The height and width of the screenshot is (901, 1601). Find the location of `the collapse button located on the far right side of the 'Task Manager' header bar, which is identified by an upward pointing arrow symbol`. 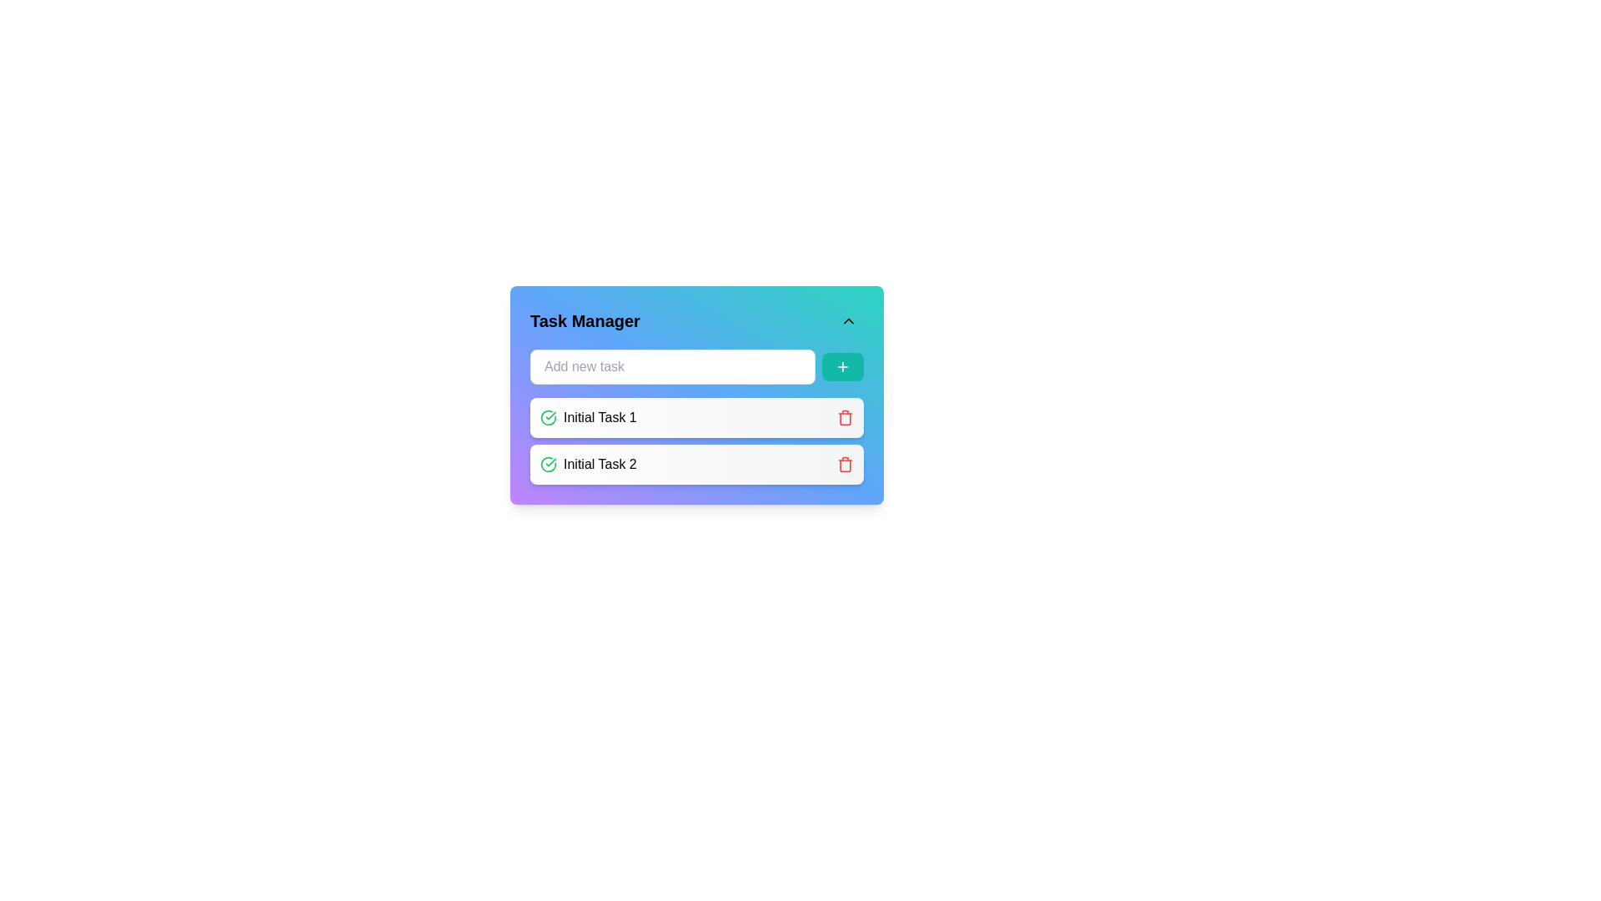

the collapse button located on the far right side of the 'Task Manager' header bar, which is identified by an upward pointing arrow symbol is located at coordinates (848, 321).